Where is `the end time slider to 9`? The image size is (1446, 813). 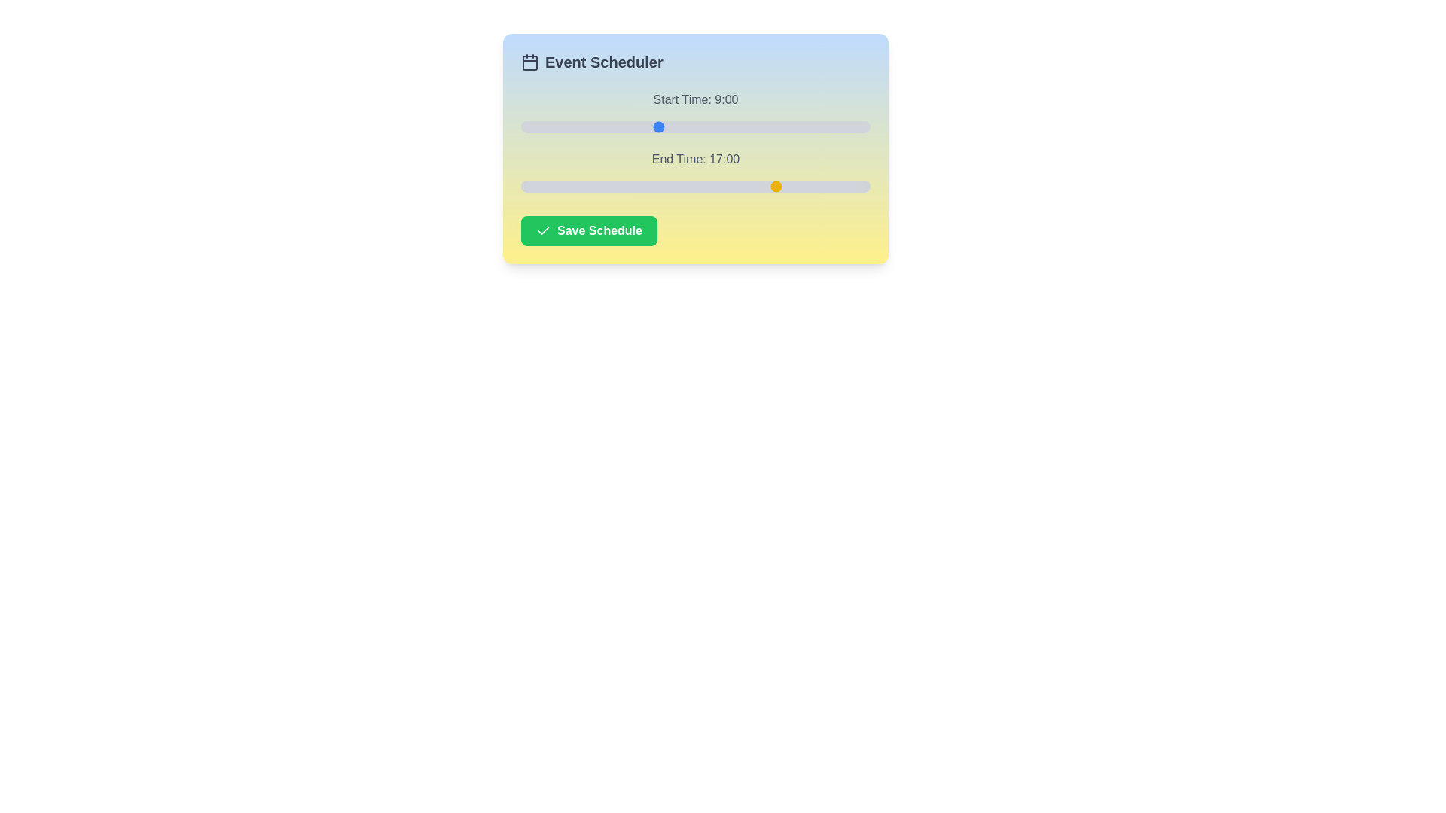
the end time slider to 9 is located at coordinates (657, 185).